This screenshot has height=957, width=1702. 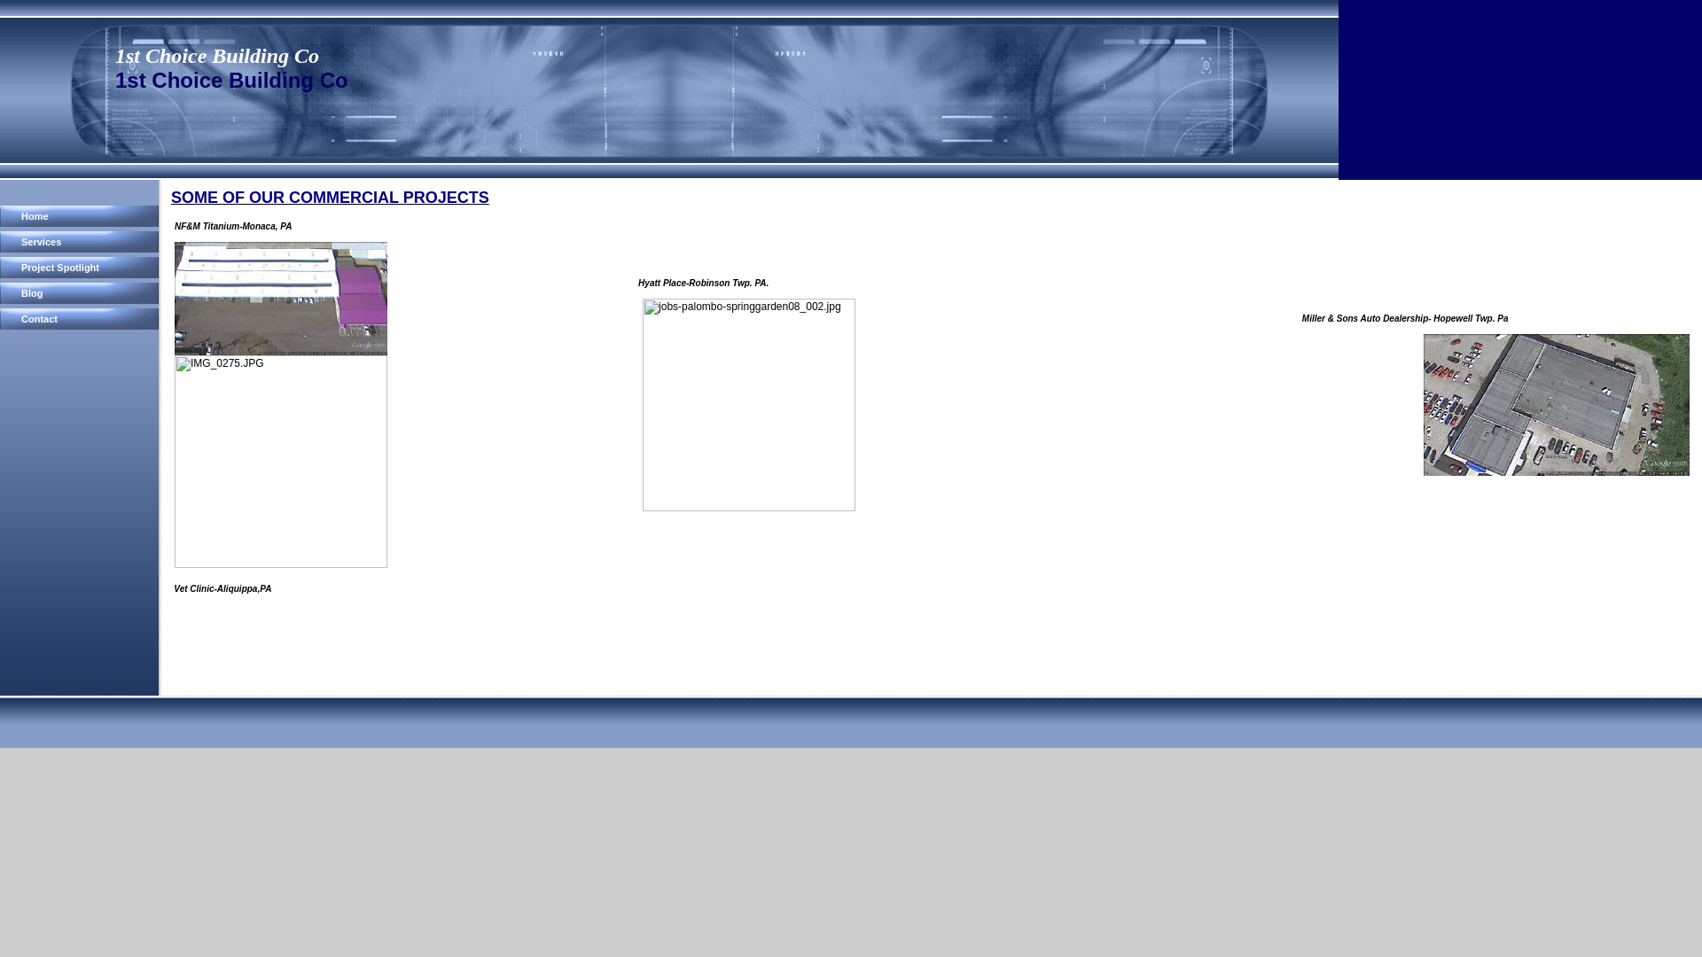 I want to click on 'Contact', so click(x=80, y=317).